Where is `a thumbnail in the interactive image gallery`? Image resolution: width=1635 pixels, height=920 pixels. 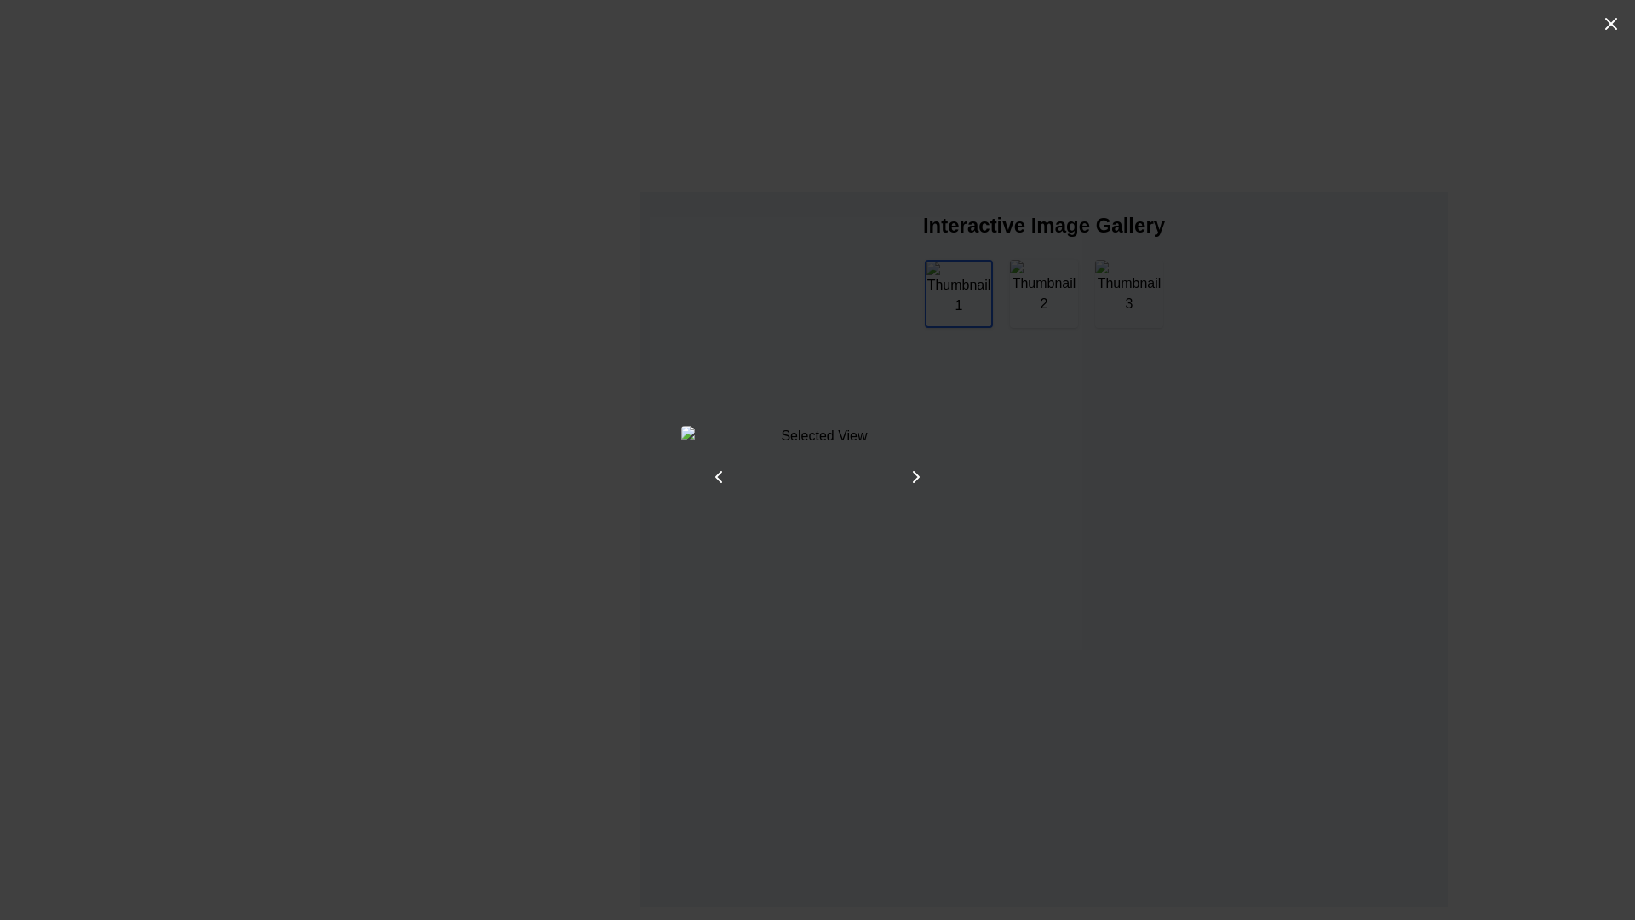
a thumbnail in the interactive image gallery is located at coordinates (1042, 292).